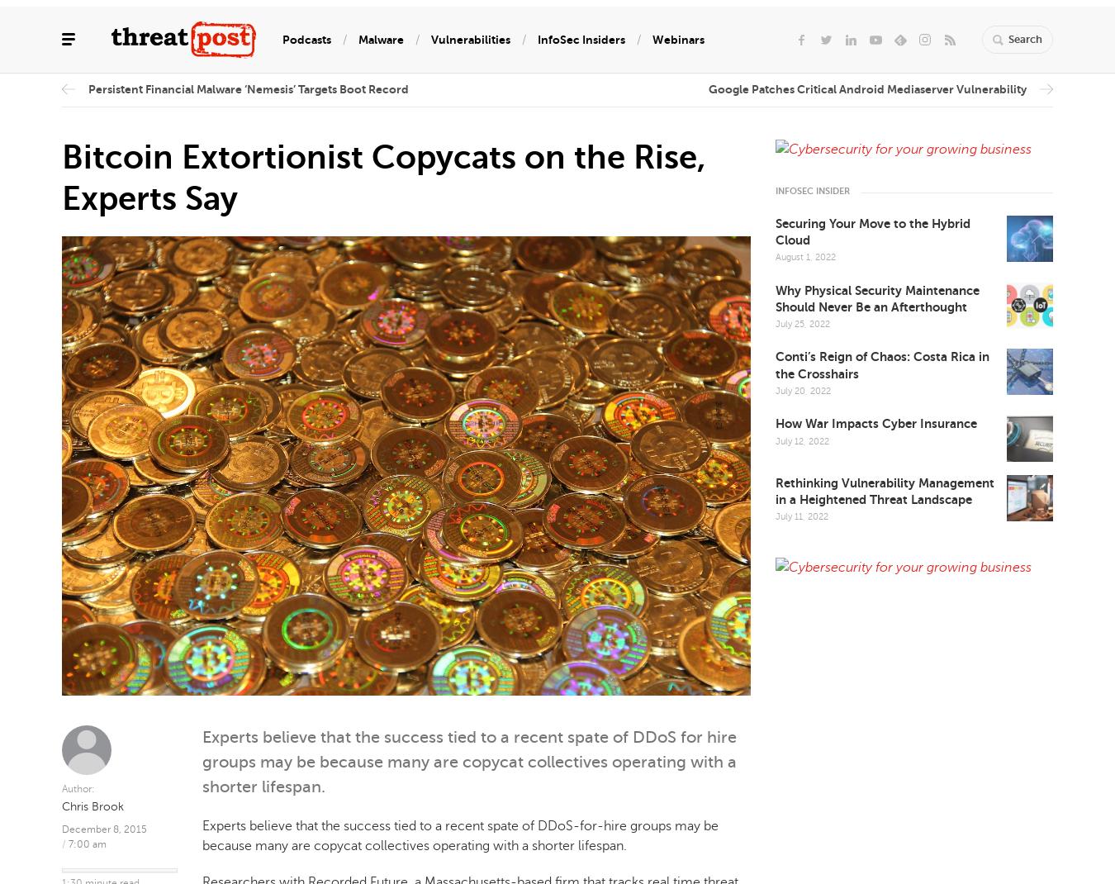 Image resolution: width=1115 pixels, height=884 pixels. I want to click on 'Critical Infrastructure', so click(374, 171).